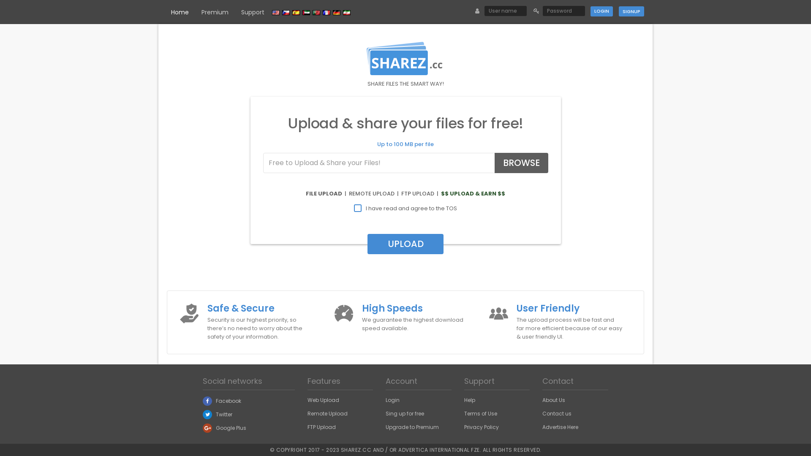  I want to click on 'Premium', so click(215, 12).